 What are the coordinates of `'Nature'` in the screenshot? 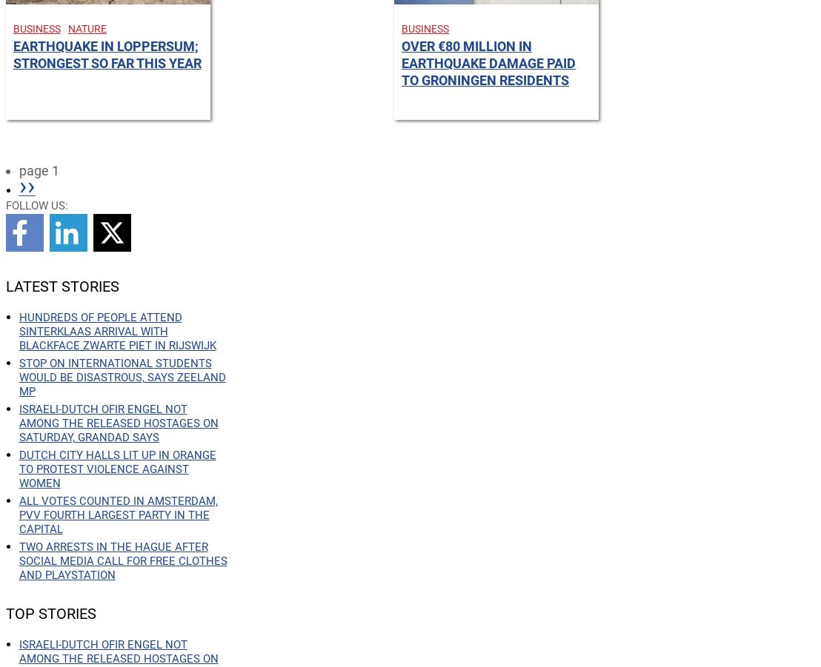 It's located at (87, 27).